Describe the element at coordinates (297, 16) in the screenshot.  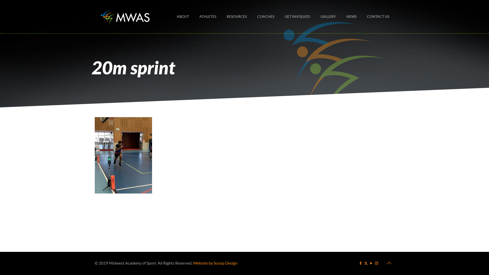
I see `'GET INVOLVED'` at that location.